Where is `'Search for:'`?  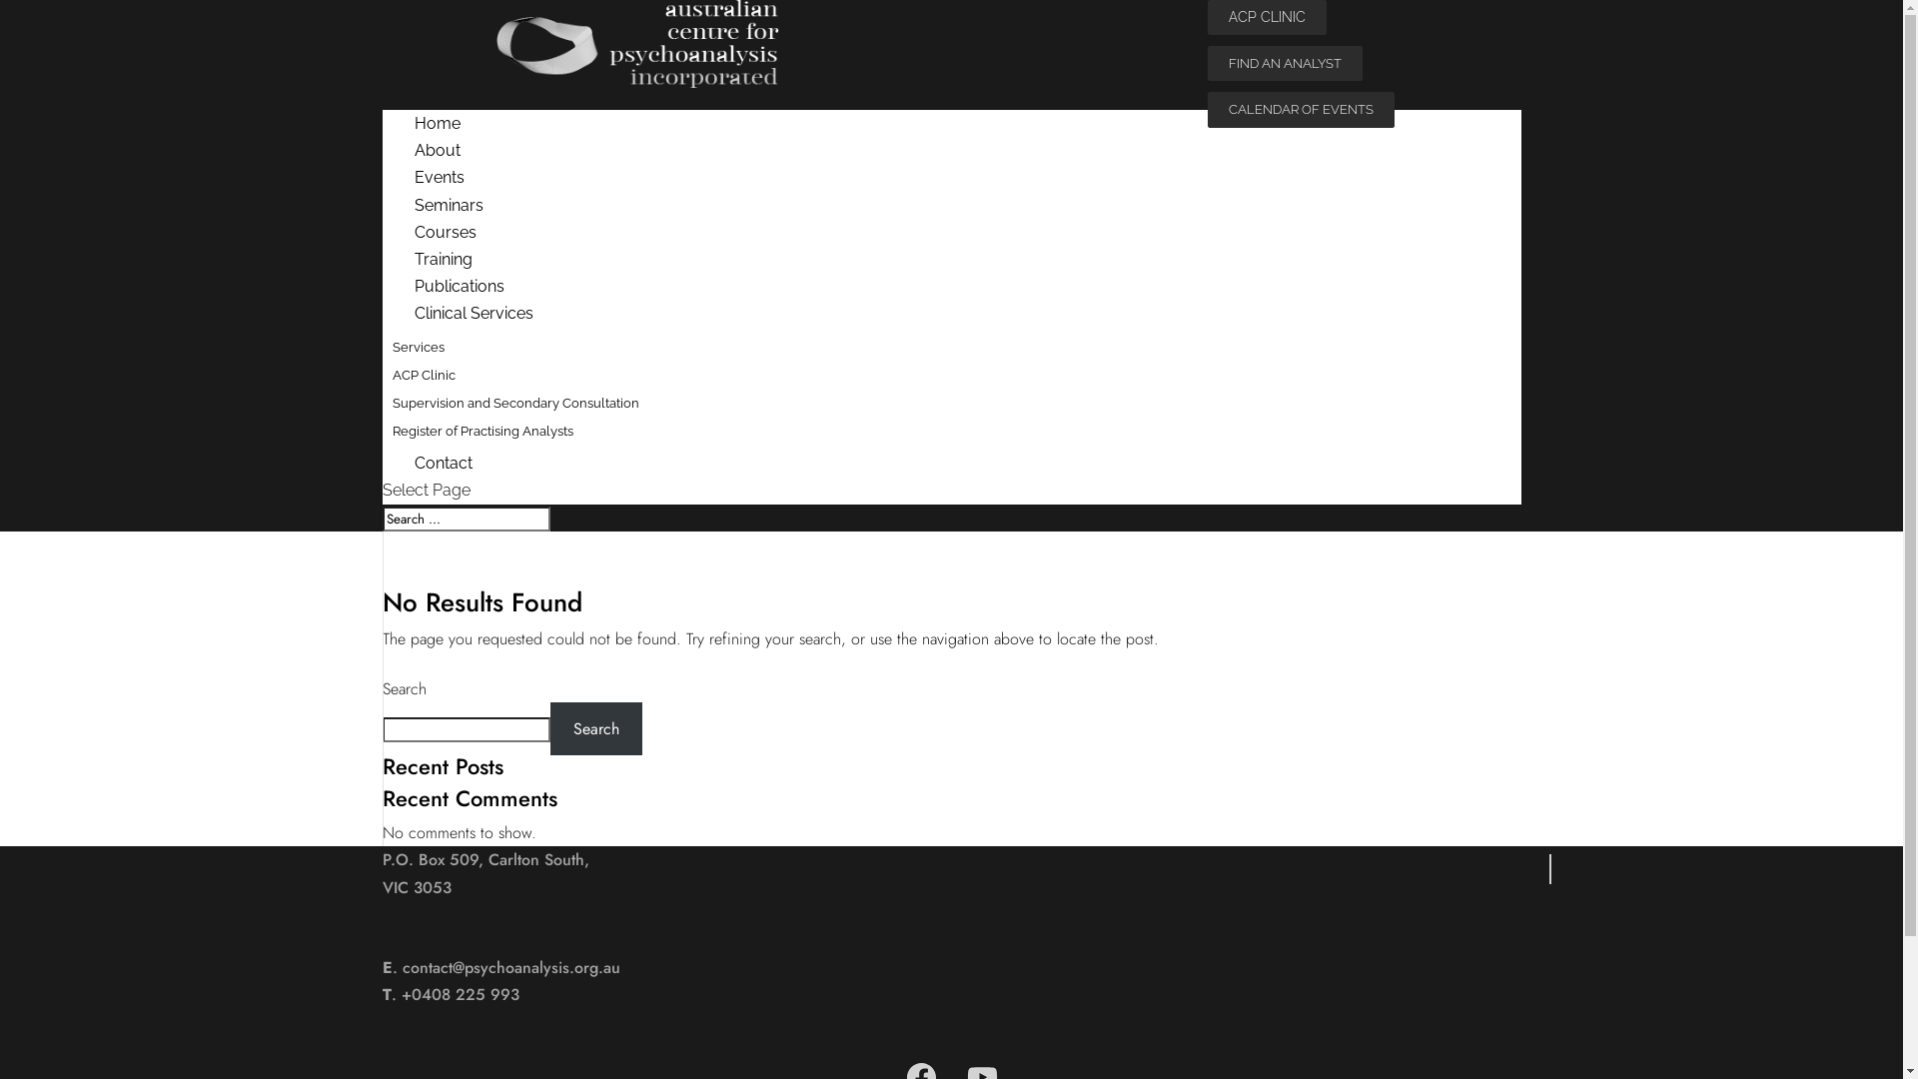
'Search for:' is located at coordinates (382, 518).